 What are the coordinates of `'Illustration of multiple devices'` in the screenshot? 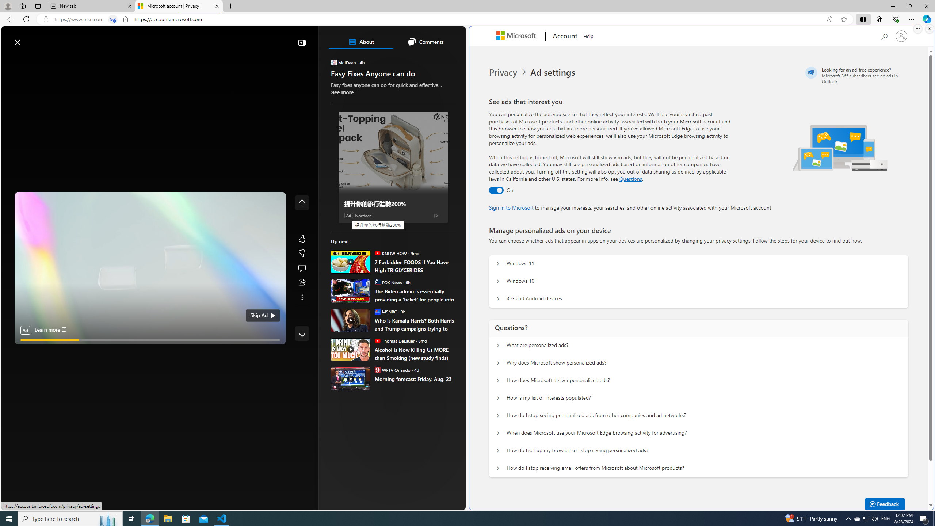 It's located at (840, 147).